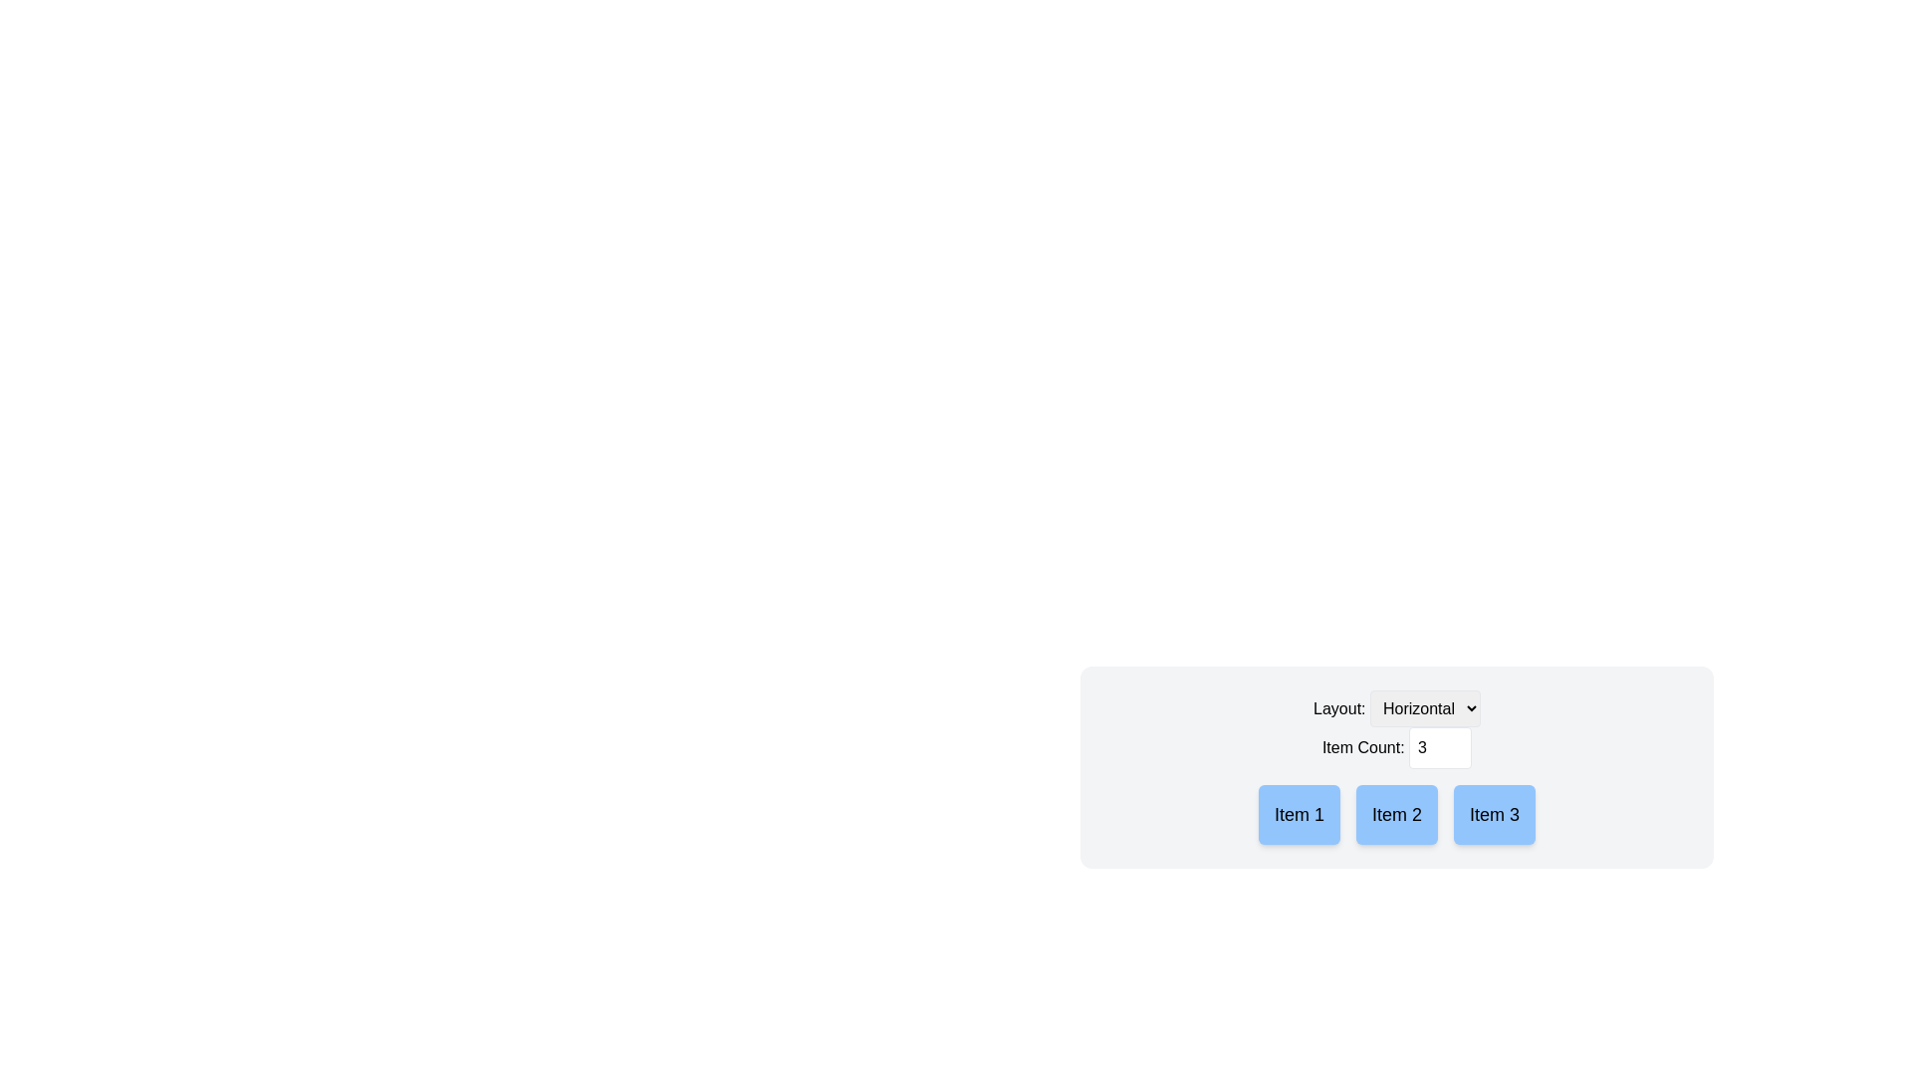 Image resolution: width=1912 pixels, height=1076 pixels. I want to click on the number input box displaying '3', which is styled with a border and has slightly rounded corners, so click(1440, 748).